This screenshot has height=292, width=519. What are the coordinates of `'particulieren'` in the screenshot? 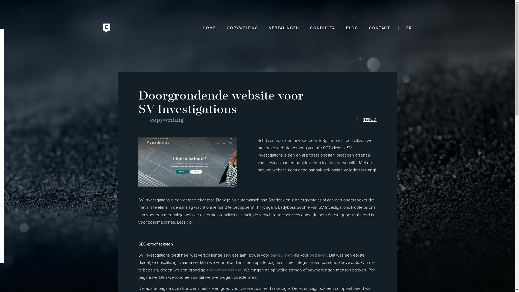 It's located at (281, 255).